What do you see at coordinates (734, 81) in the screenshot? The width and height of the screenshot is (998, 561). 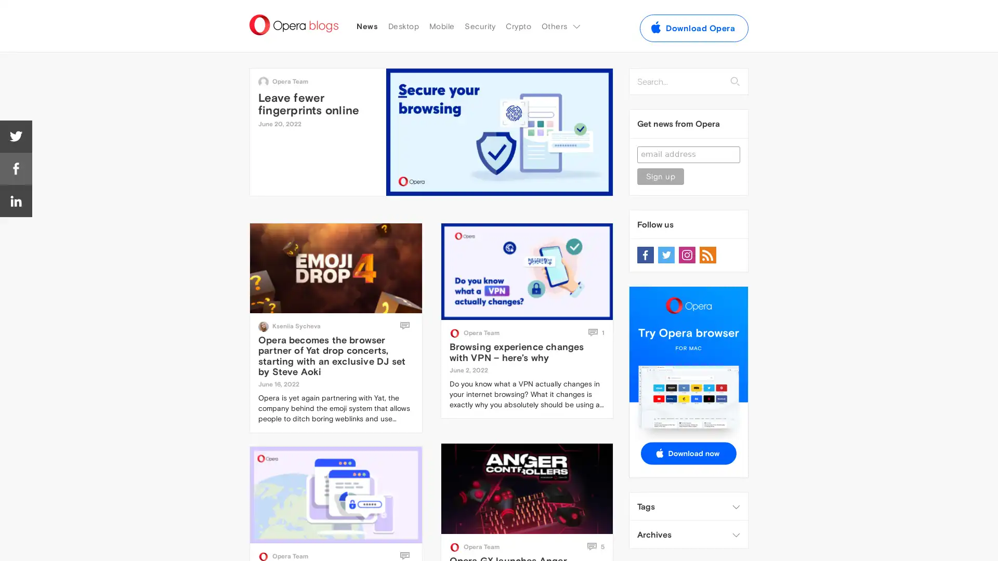 I see `Search...` at bounding box center [734, 81].